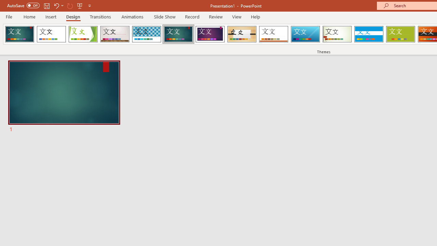 This screenshot has width=437, height=246. Describe the element at coordinates (305, 34) in the screenshot. I see `'Slice Loading Preview...'` at that location.